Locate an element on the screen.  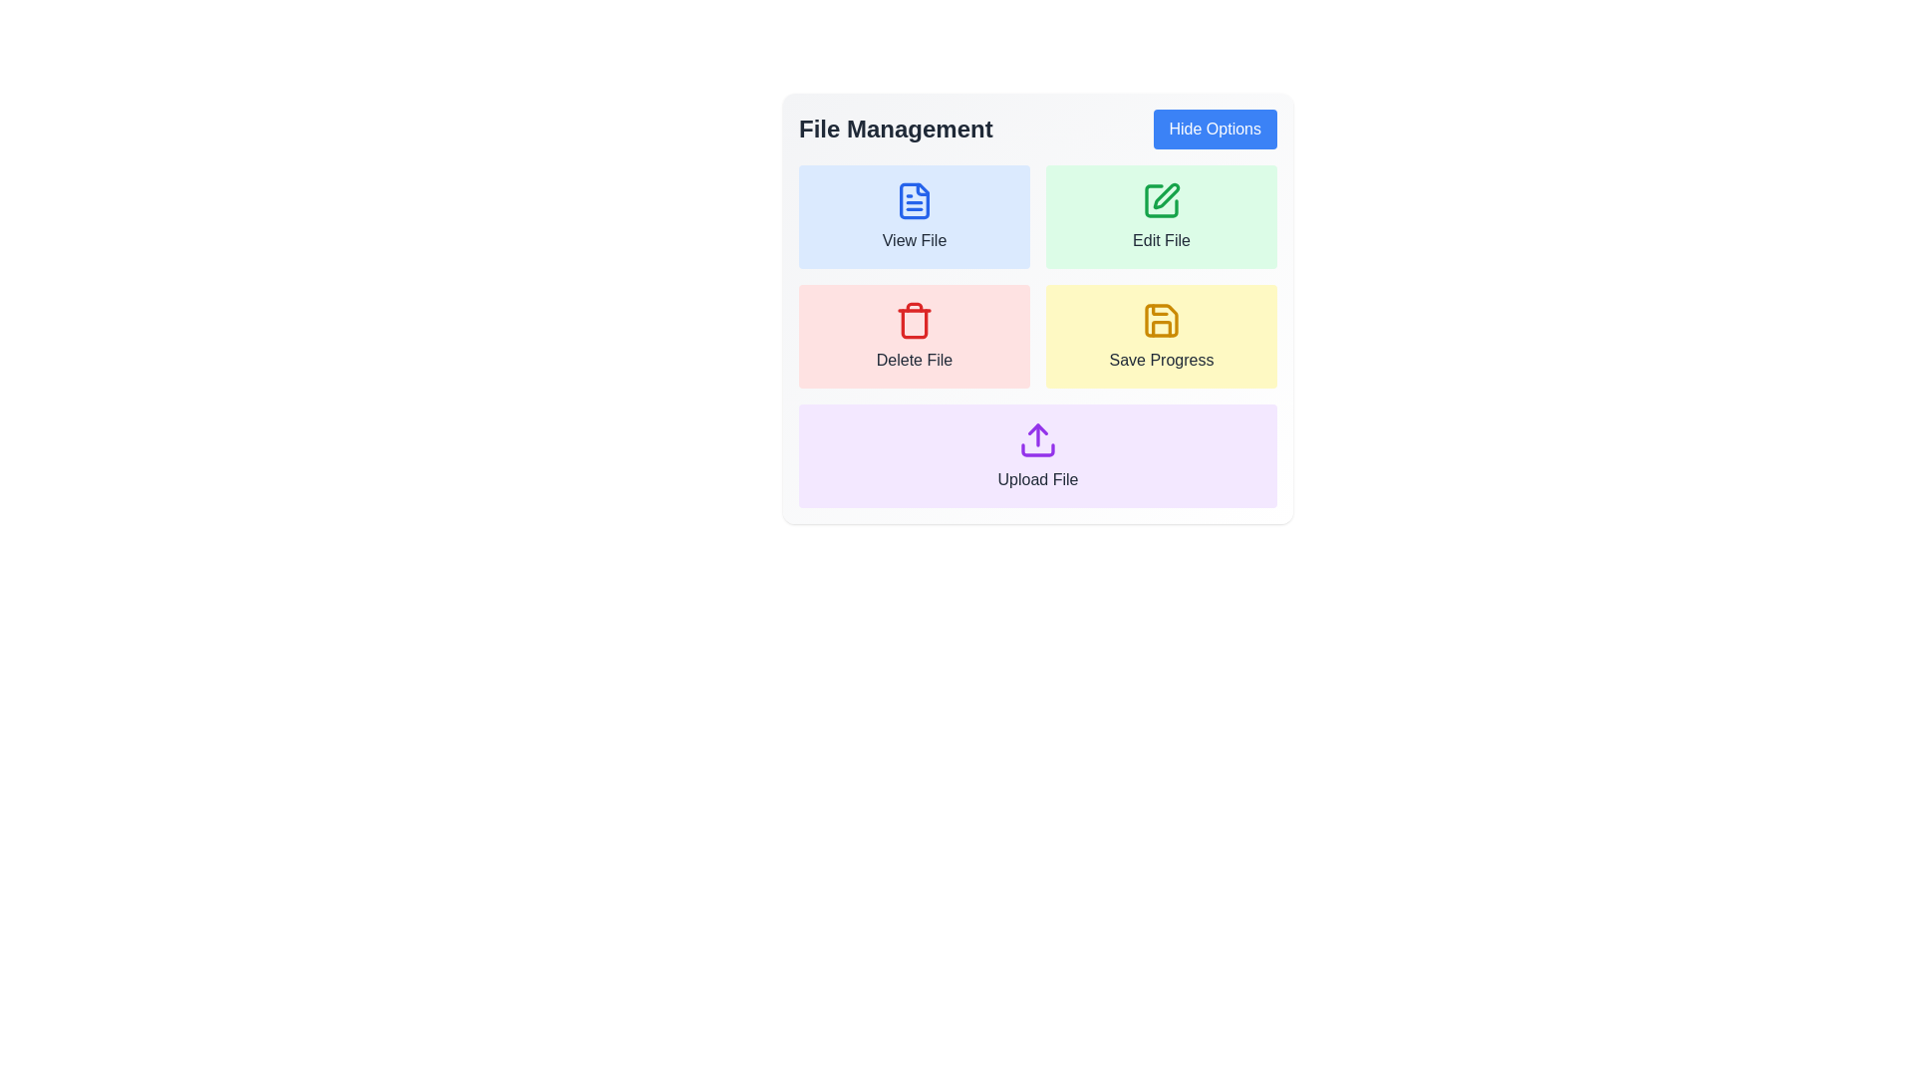
the edit button located to the right of the 'View File' button is located at coordinates (1162, 217).